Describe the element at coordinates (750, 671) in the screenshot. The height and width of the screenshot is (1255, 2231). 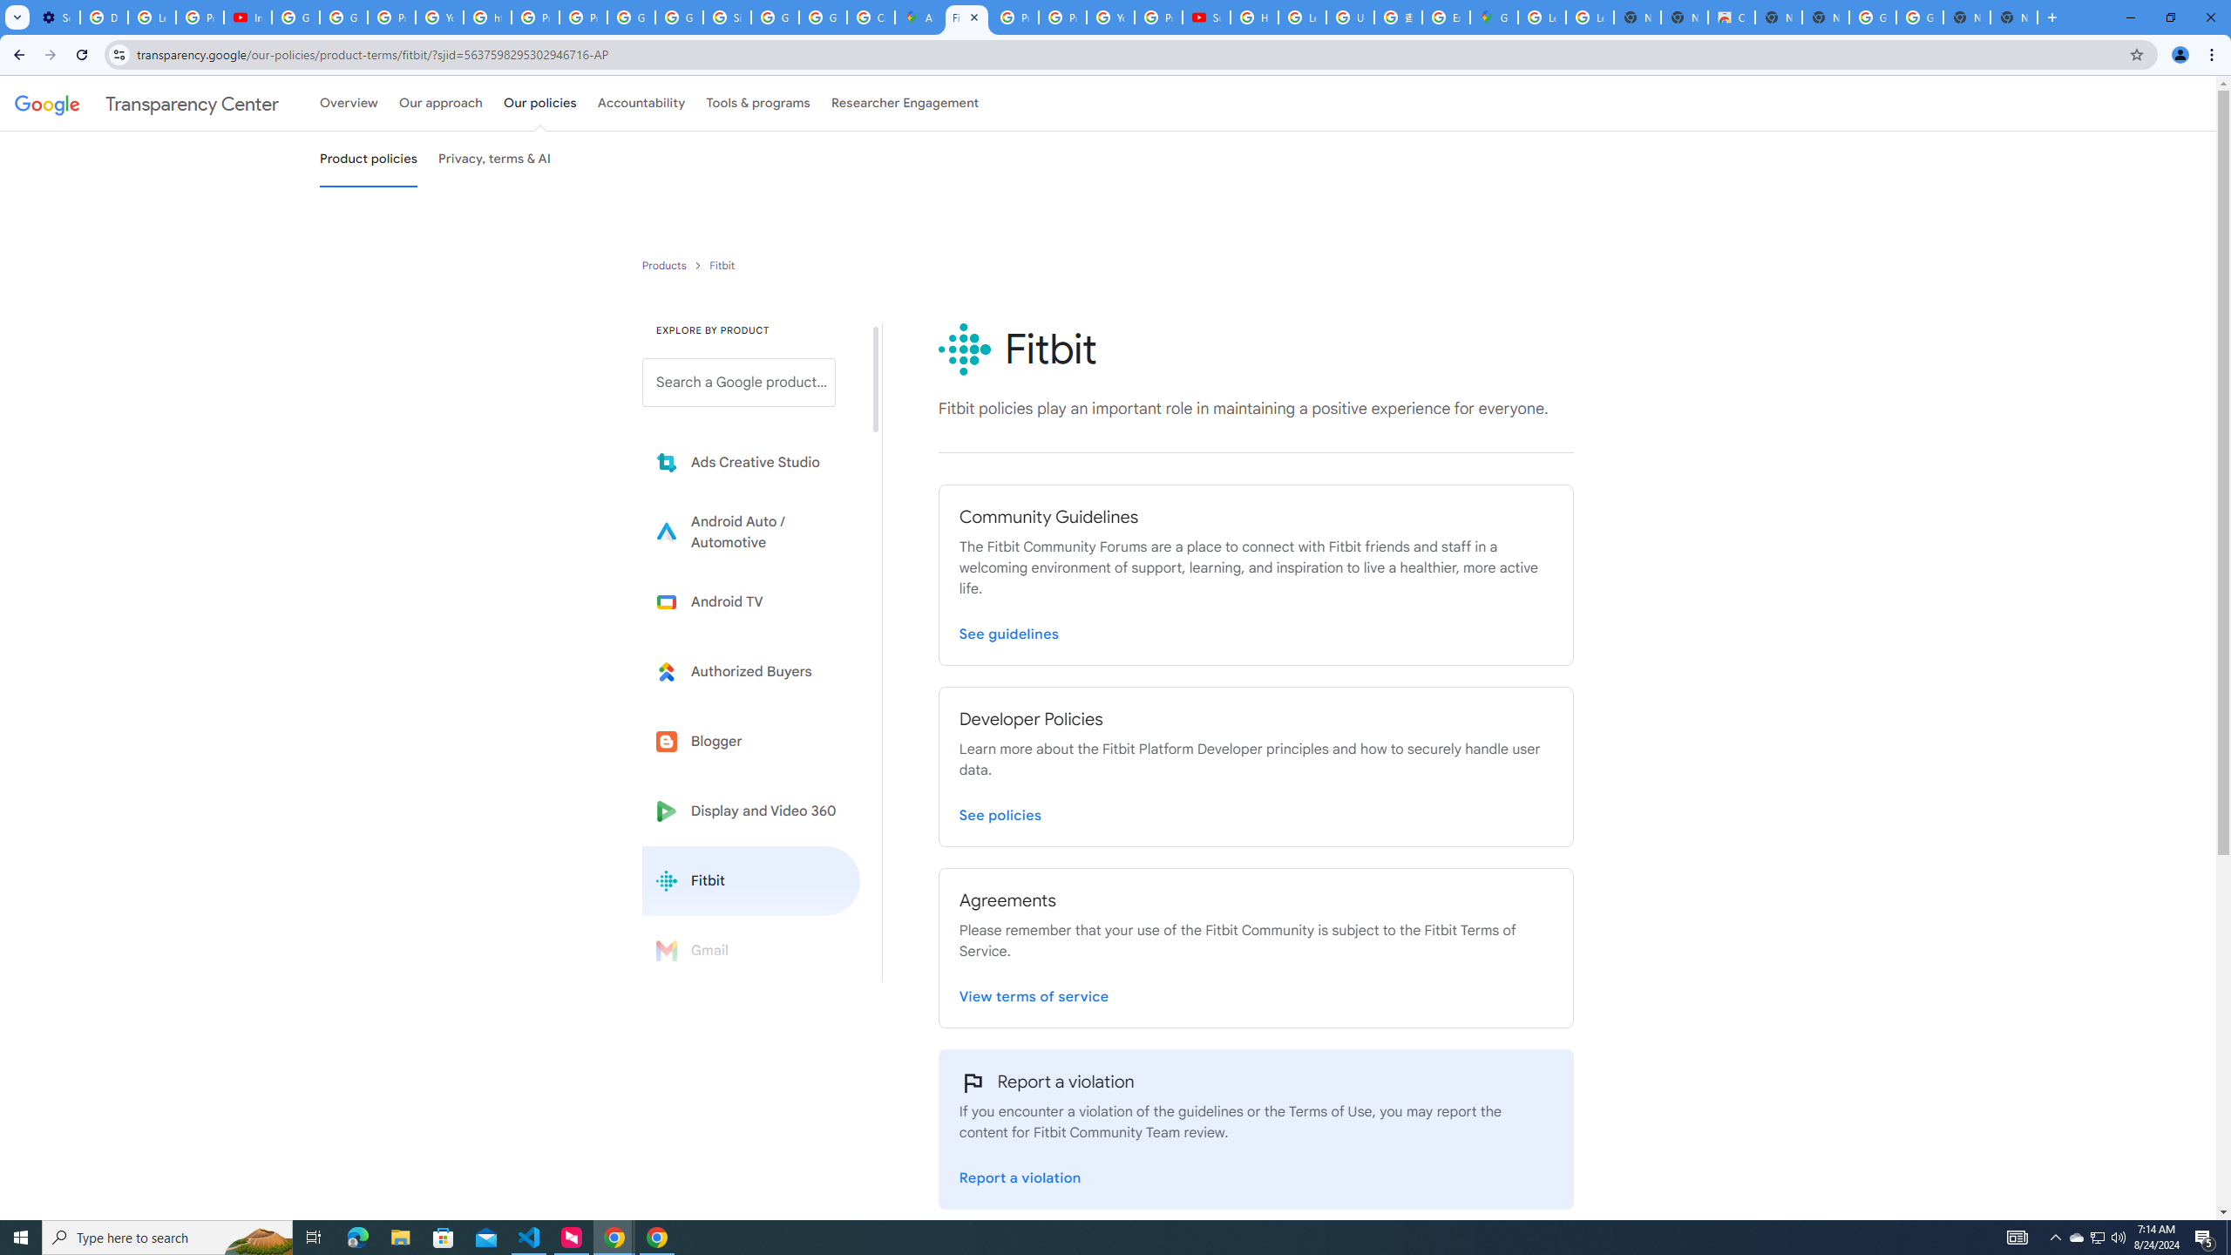
I see `'Learn more about Authorized Buyers'` at that location.